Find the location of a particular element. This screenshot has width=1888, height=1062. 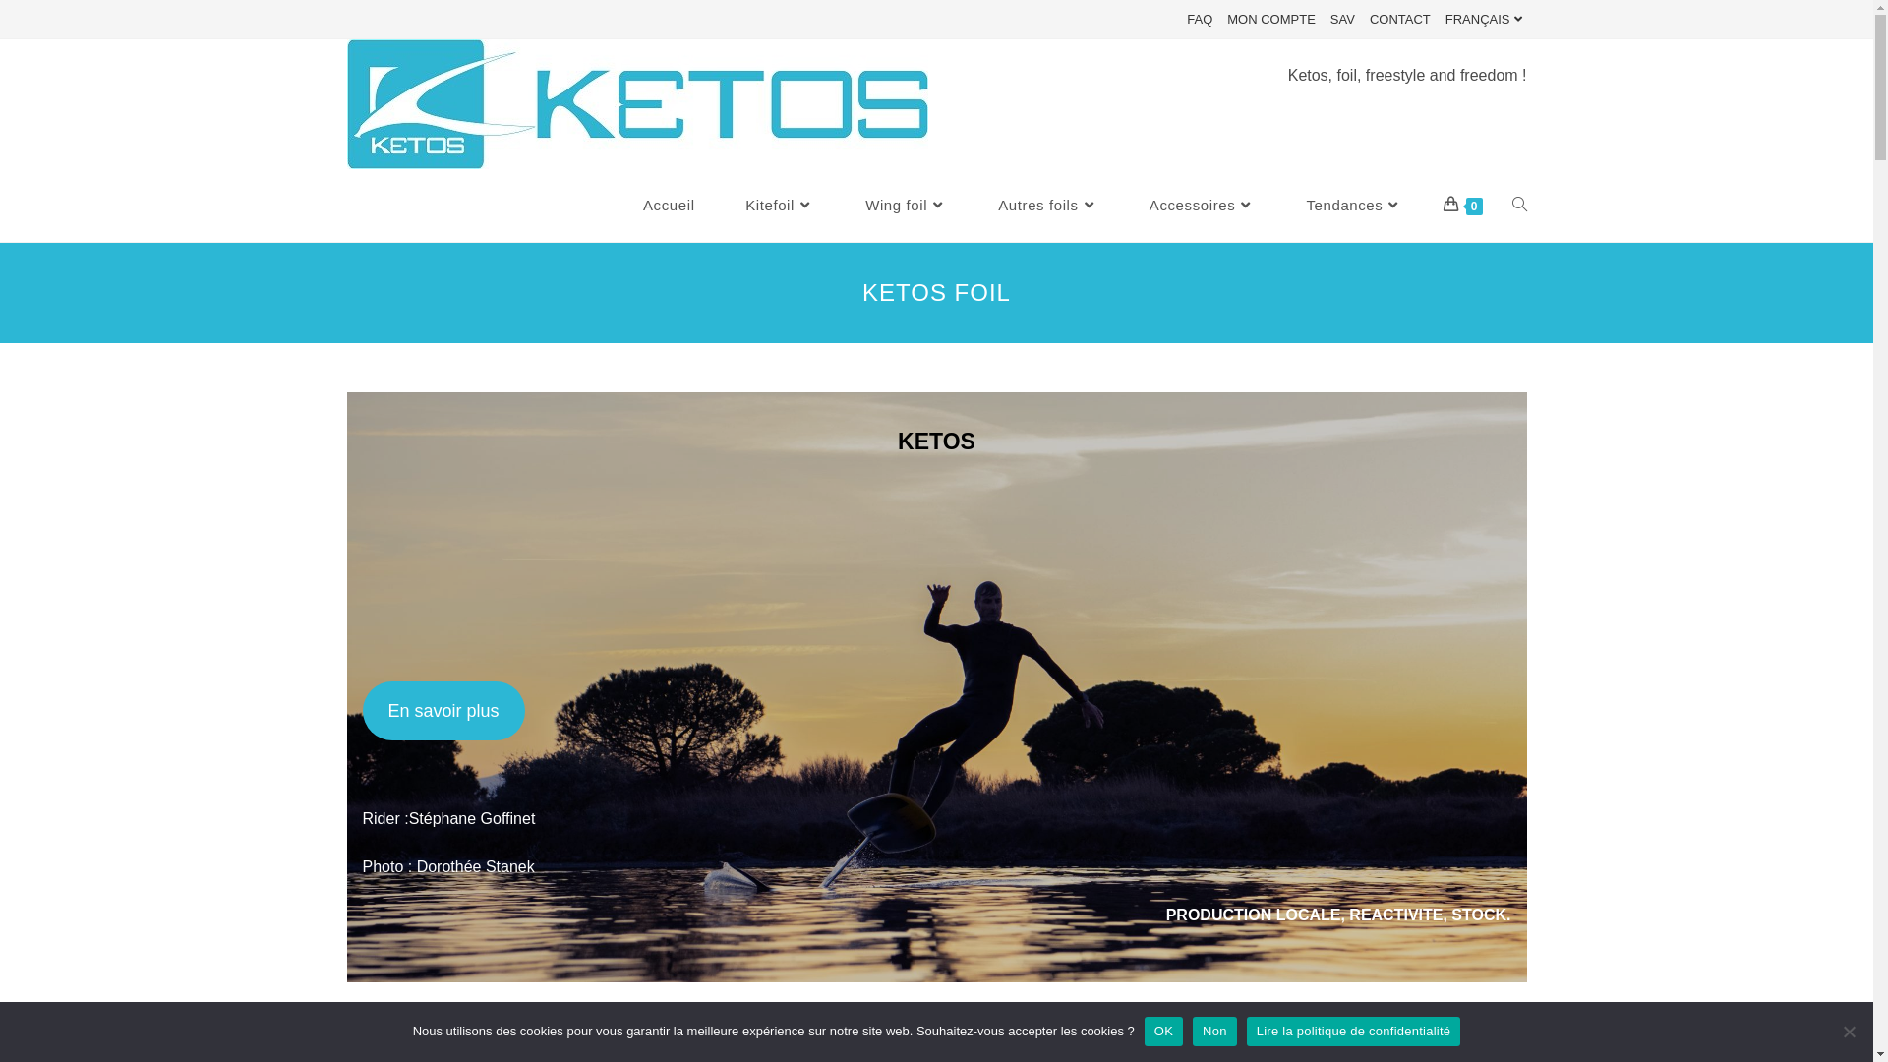

'CONTACT' is located at coordinates (1399, 19).